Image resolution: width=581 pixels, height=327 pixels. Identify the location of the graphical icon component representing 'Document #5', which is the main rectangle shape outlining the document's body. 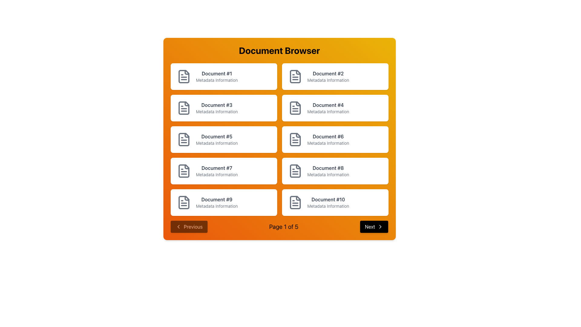
(183, 140).